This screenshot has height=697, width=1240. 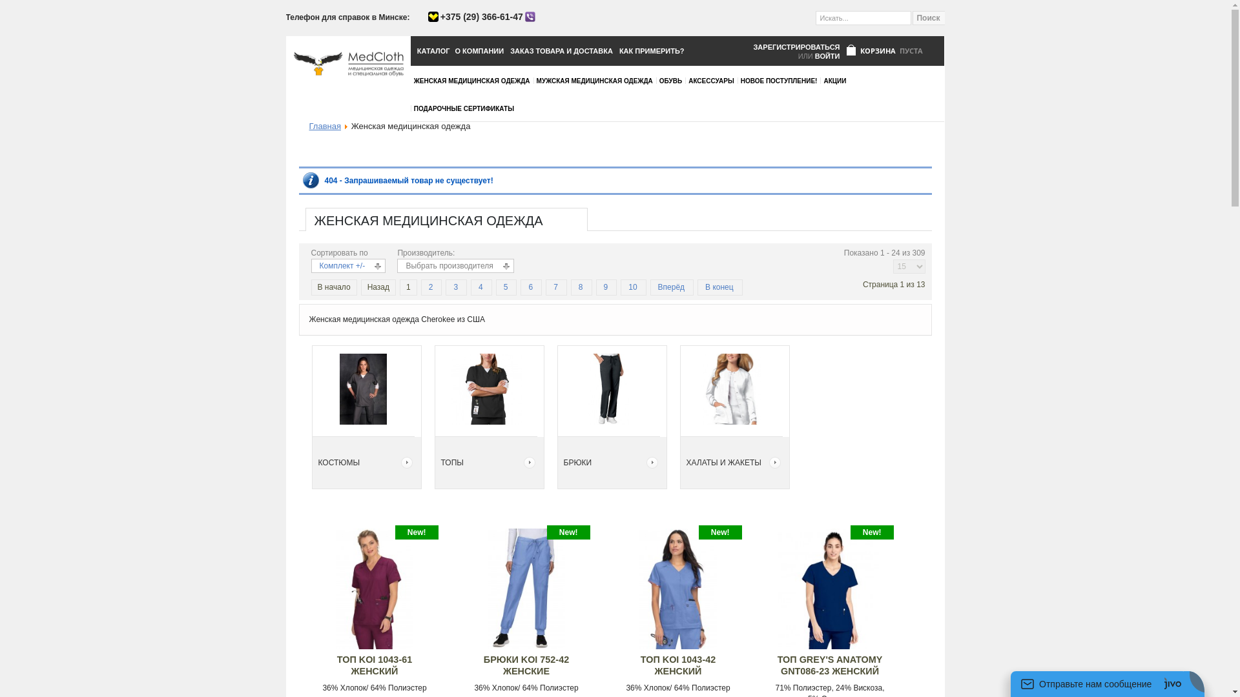 What do you see at coordinates (605, 286) in the screenshot?
I see `'9'` at bounding box center [605, 286].